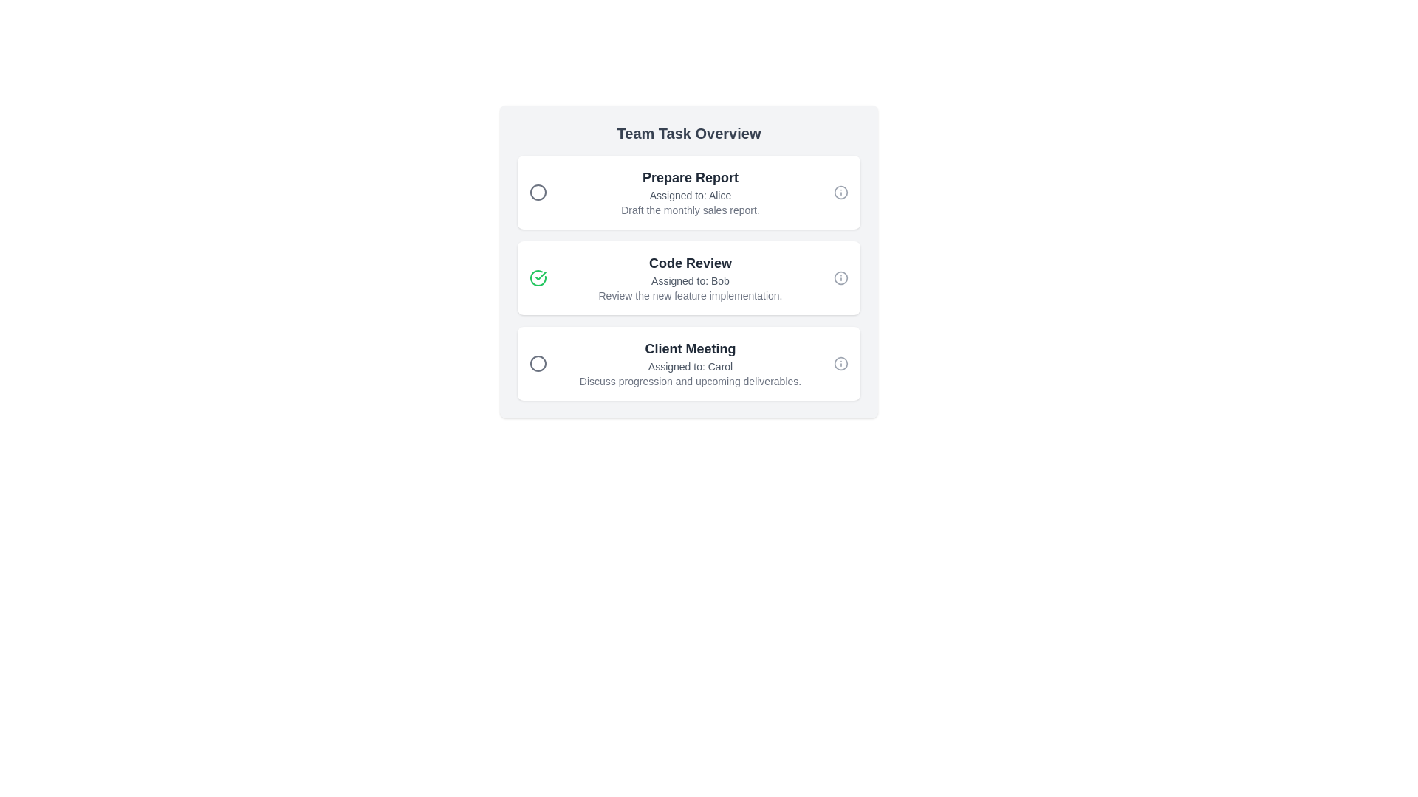 The image size is (1418, 797). What do you see at coordinates (840, 192) in the screenshot?
I see `the circular icon located at the top-right corner of the 'Prepare Report' task block, styled as part of an SVG with neutral colors` at bounding box center [840, 192].